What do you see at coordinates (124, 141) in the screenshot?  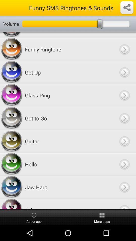 I see `play` at bounding box center [124, 141].